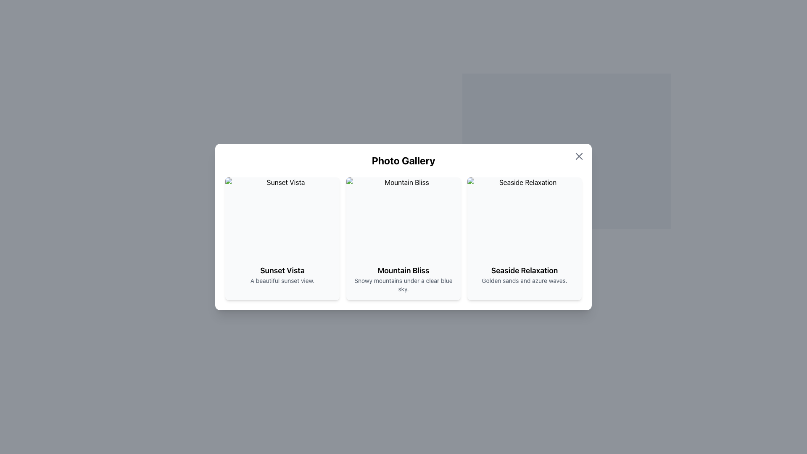 The width and height of the screenshot is (807, 454). Describe the element at coordinates (578, 156) in the screenshot. I see `the close button in the top-right corner of the 'Photo Gallery' dialog box to change its color` at that location.